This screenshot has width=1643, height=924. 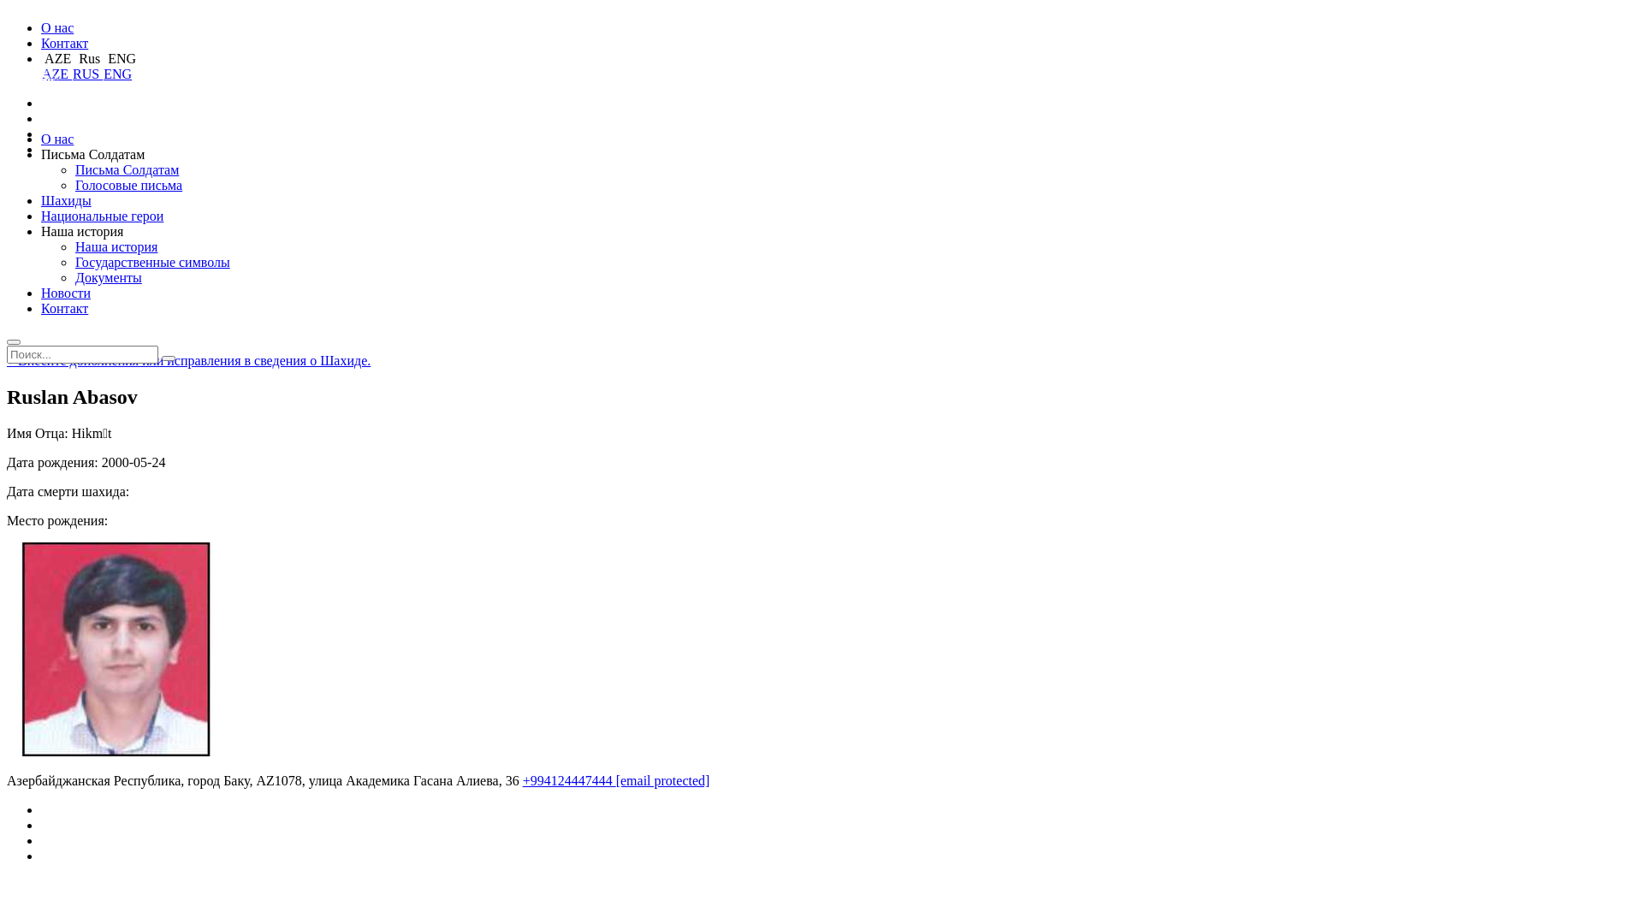 What do you see at coordinates (56, 73) in the screenshot?
I see `'AZE'` at bounding box center [56, 73].